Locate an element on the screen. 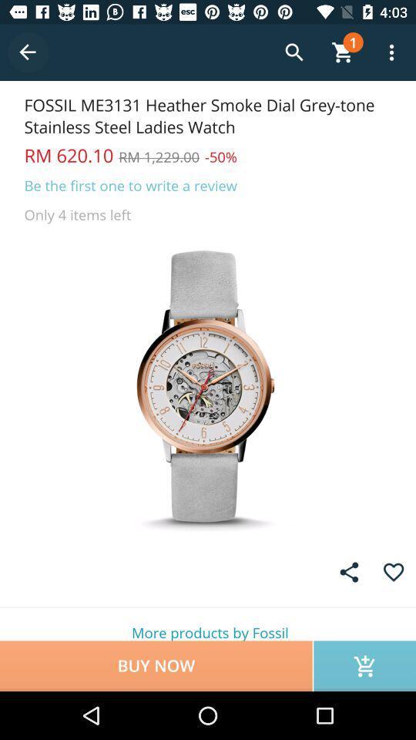 The height and width of the screenshot is (740, 416). the share icon is located at coordinates (349, 571).